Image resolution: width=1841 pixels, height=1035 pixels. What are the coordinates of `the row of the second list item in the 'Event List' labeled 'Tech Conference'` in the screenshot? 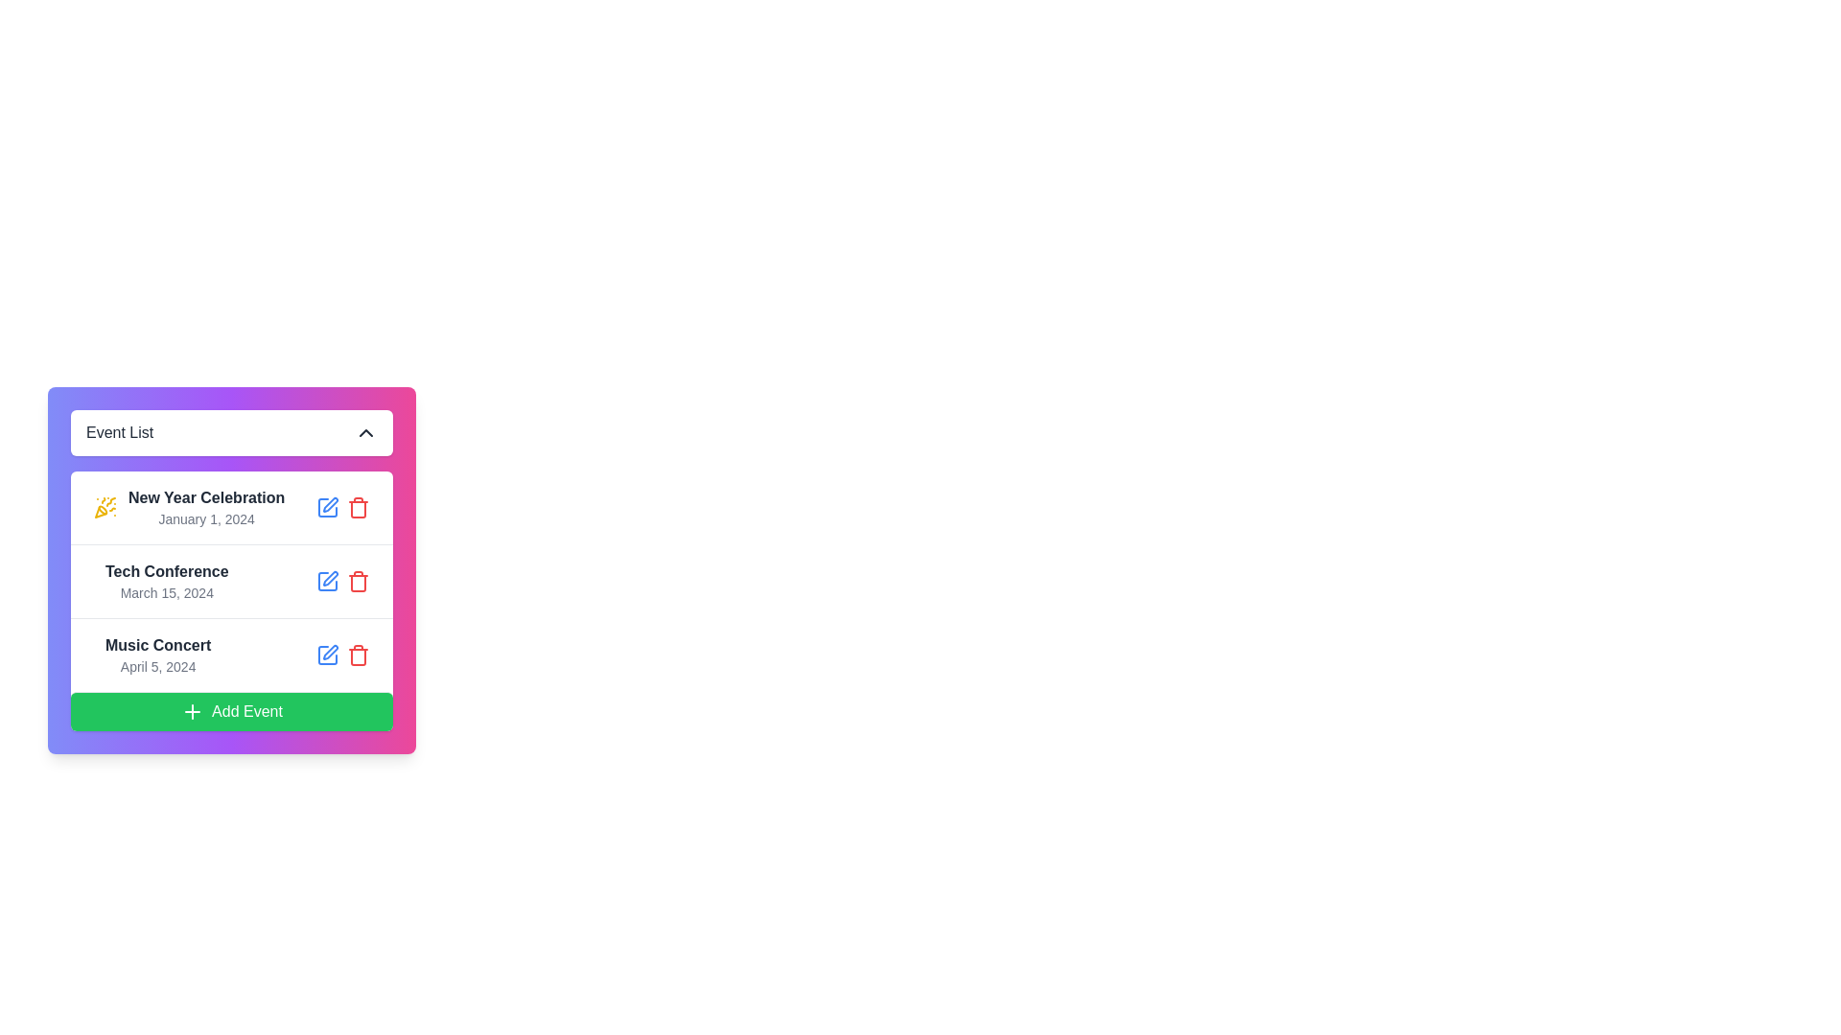 It's located at (230, 579).